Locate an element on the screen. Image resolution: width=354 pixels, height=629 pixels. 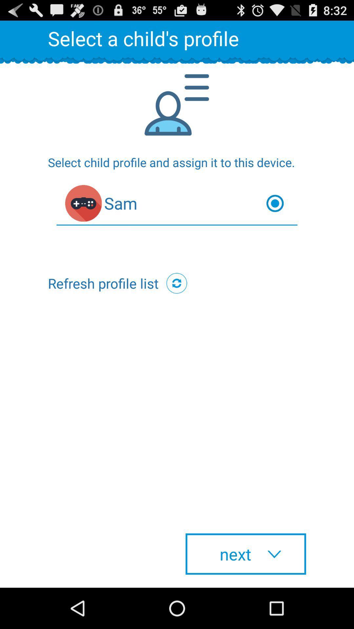
the icon next to the refresh profile list item is located at coordinates (176, 283).